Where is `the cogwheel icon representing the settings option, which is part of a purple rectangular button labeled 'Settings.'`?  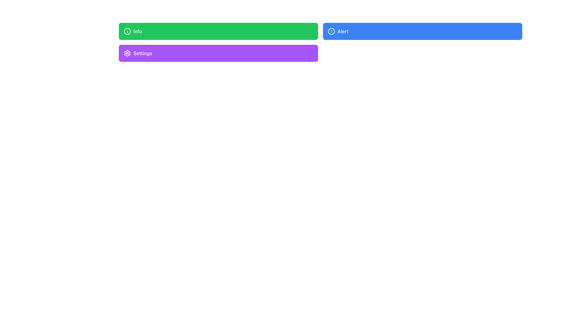 the cogwheel icon representing the settings option, which is part of a purple rectangular button labeled 'Settings.' is located at coordinates (127, 53).